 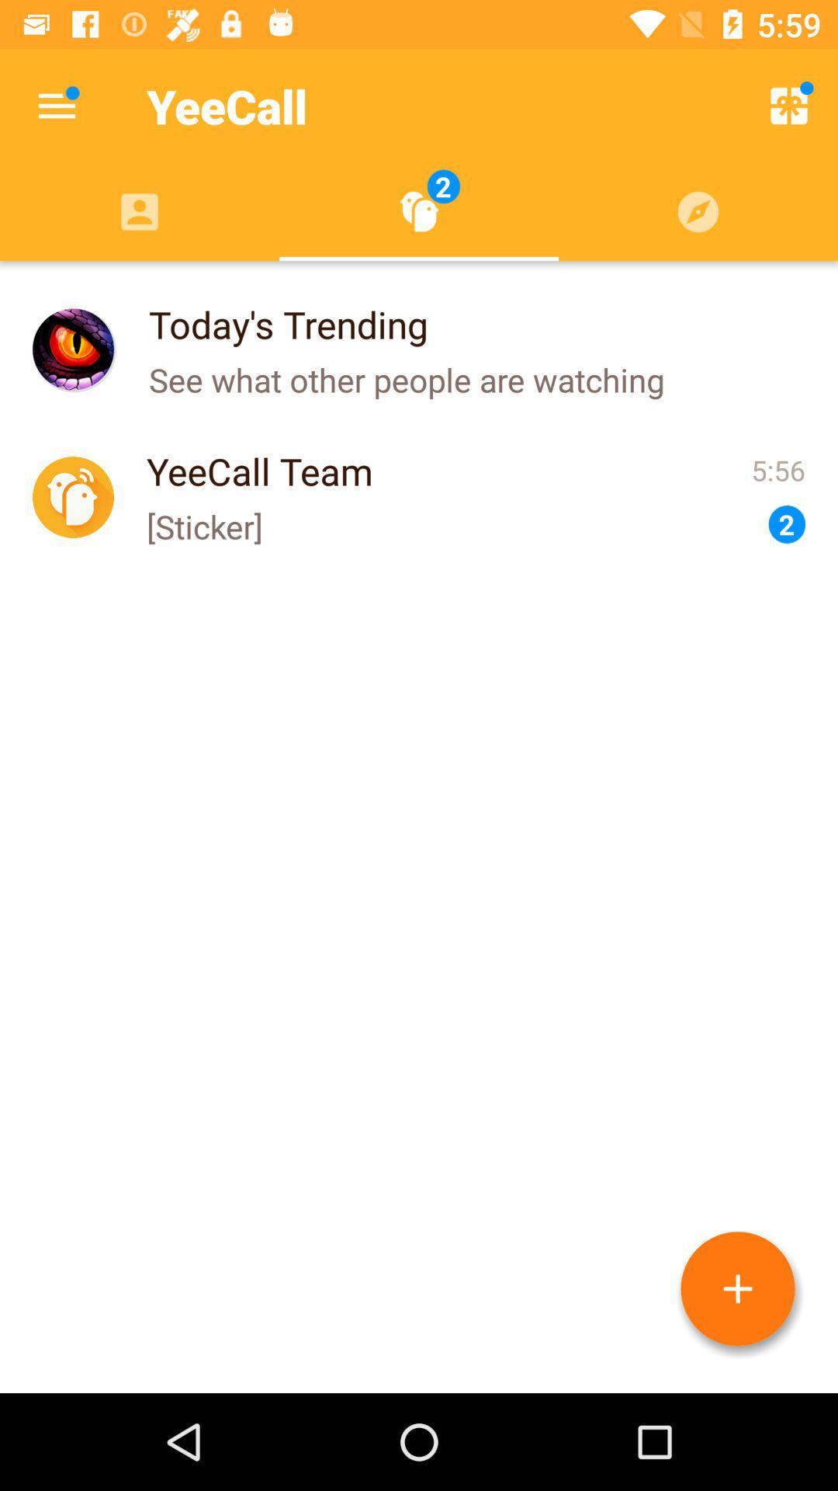 What do you see at coordinates (737, 1288) in the screenshot?
I see `new yeecall` at bounding box center [737, 1288].